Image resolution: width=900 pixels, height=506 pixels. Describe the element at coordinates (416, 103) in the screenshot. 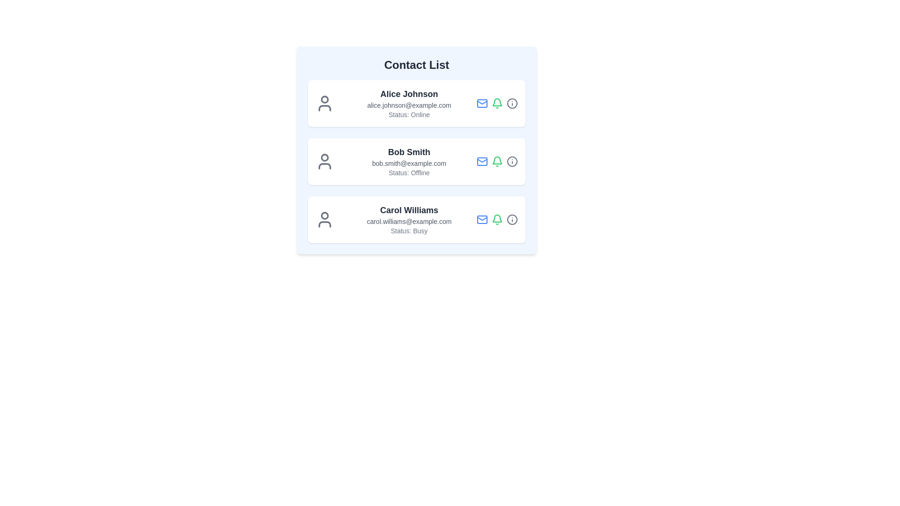

I see `the contact details of Alice Johnson` at that location.